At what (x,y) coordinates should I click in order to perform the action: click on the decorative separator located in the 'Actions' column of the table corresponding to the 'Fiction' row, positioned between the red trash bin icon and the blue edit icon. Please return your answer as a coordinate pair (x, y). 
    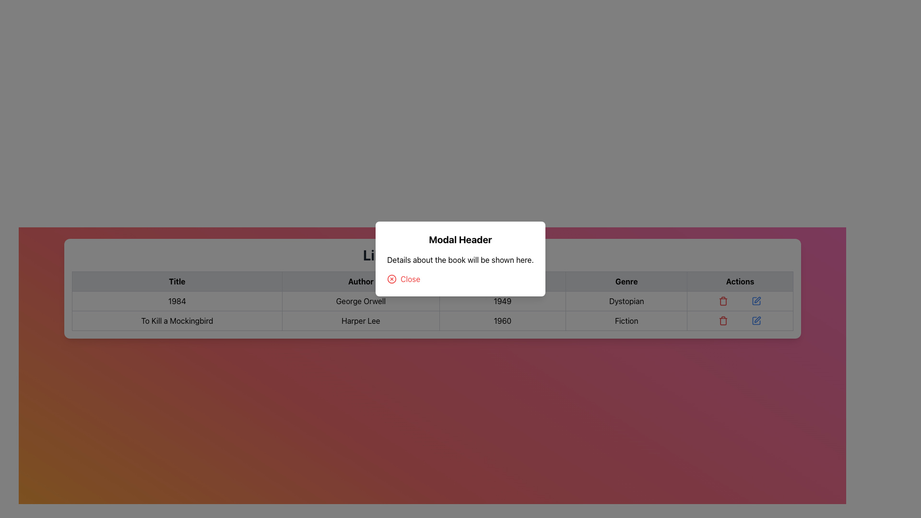
    Looking at the image, I should click on (739, 320).